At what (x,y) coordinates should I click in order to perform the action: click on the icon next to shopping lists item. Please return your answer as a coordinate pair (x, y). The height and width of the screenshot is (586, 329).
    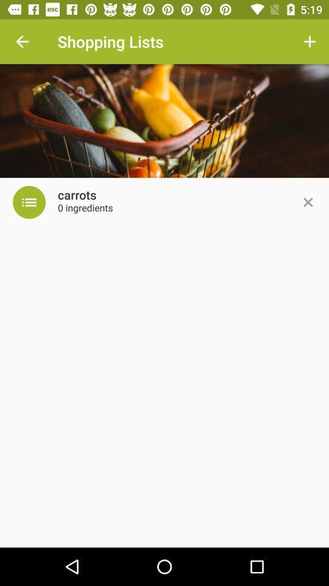
    Looking at the image, I should click on (22, 42).